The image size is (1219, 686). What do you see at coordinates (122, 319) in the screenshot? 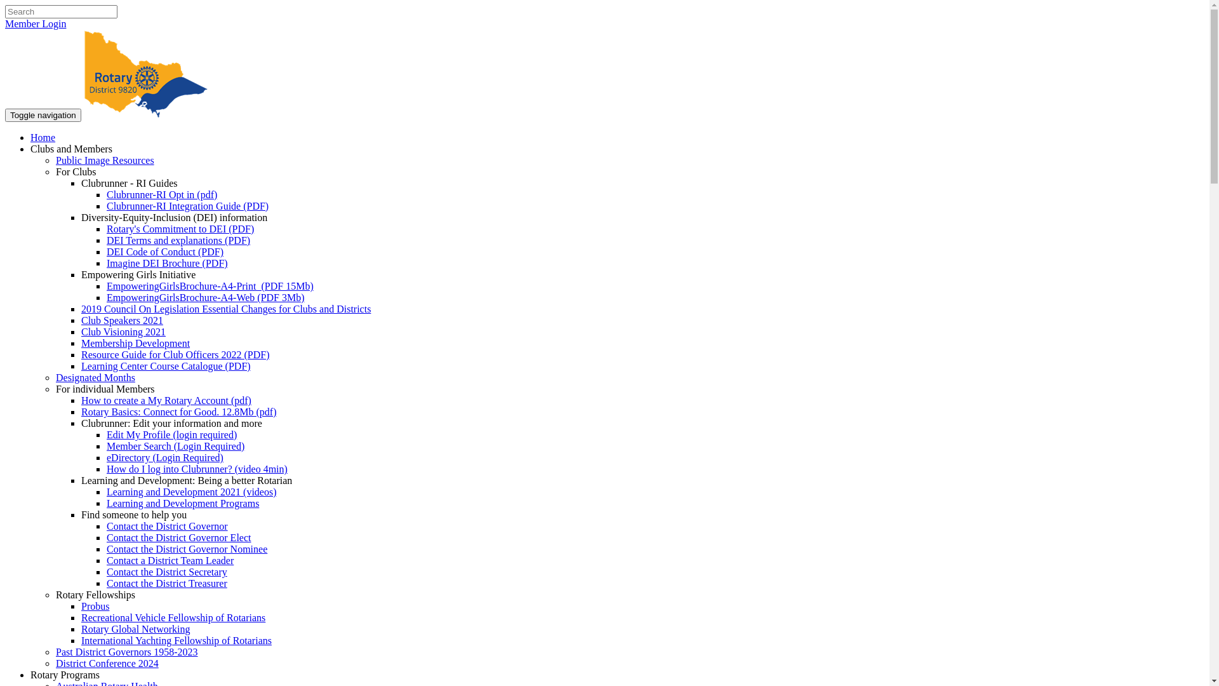
I see `'Club Speakers 2021'` at bounding box center [122, 319].